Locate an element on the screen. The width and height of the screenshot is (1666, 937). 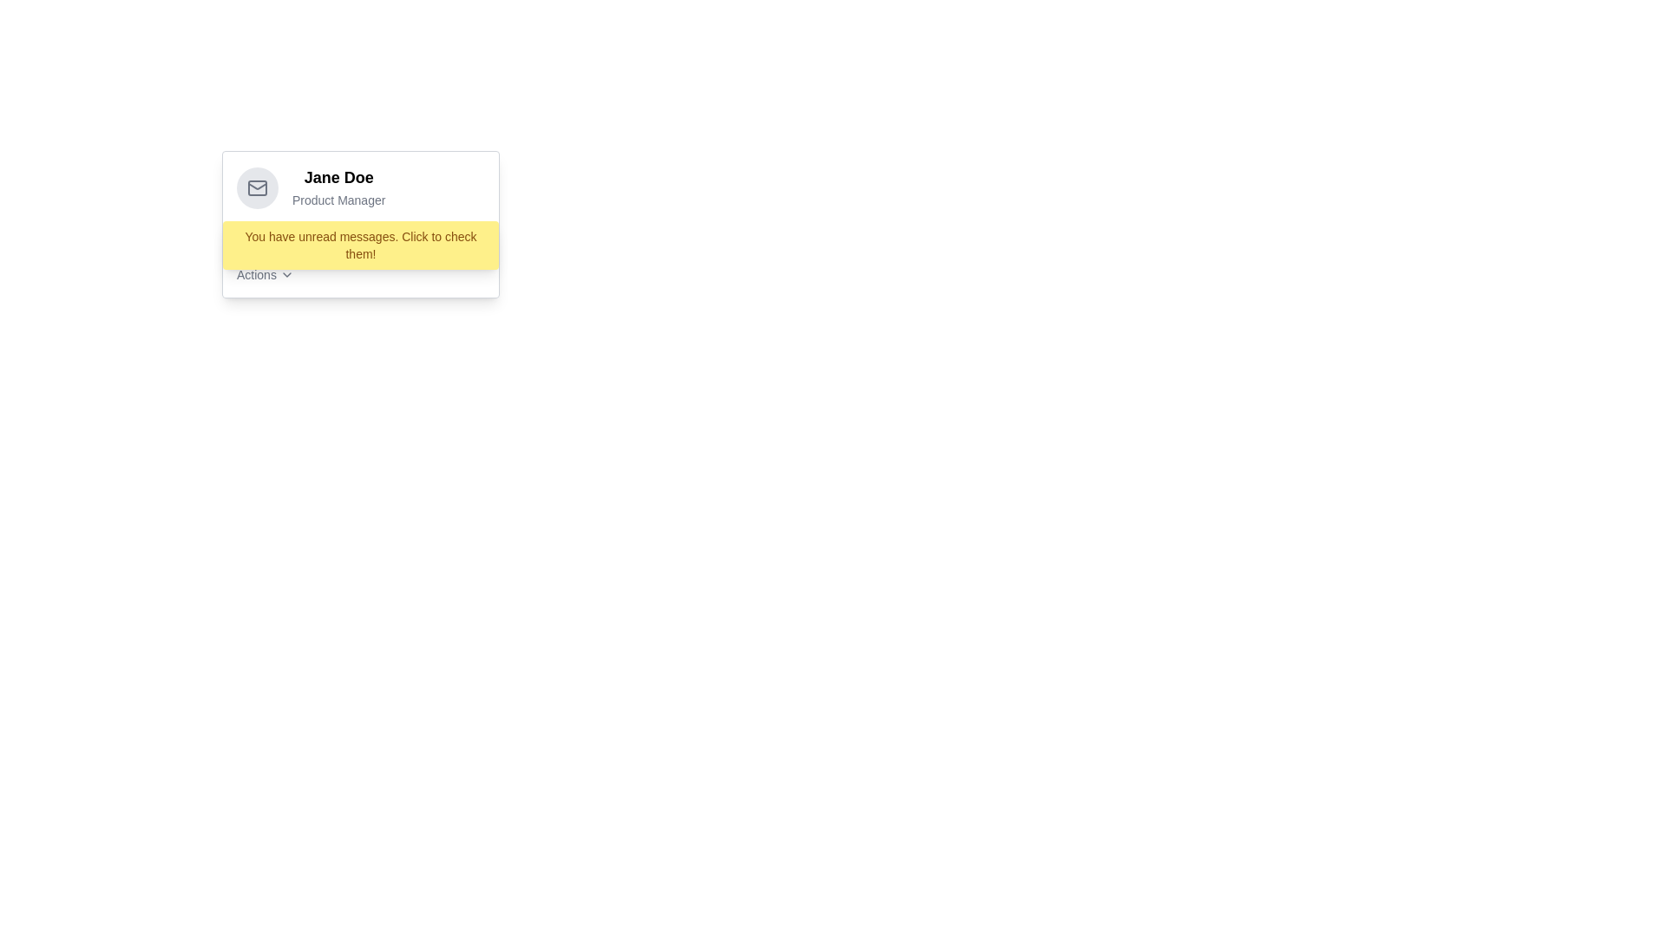
the main rectangular body of the styled envelope icon located is located at coordinates (257, 187).